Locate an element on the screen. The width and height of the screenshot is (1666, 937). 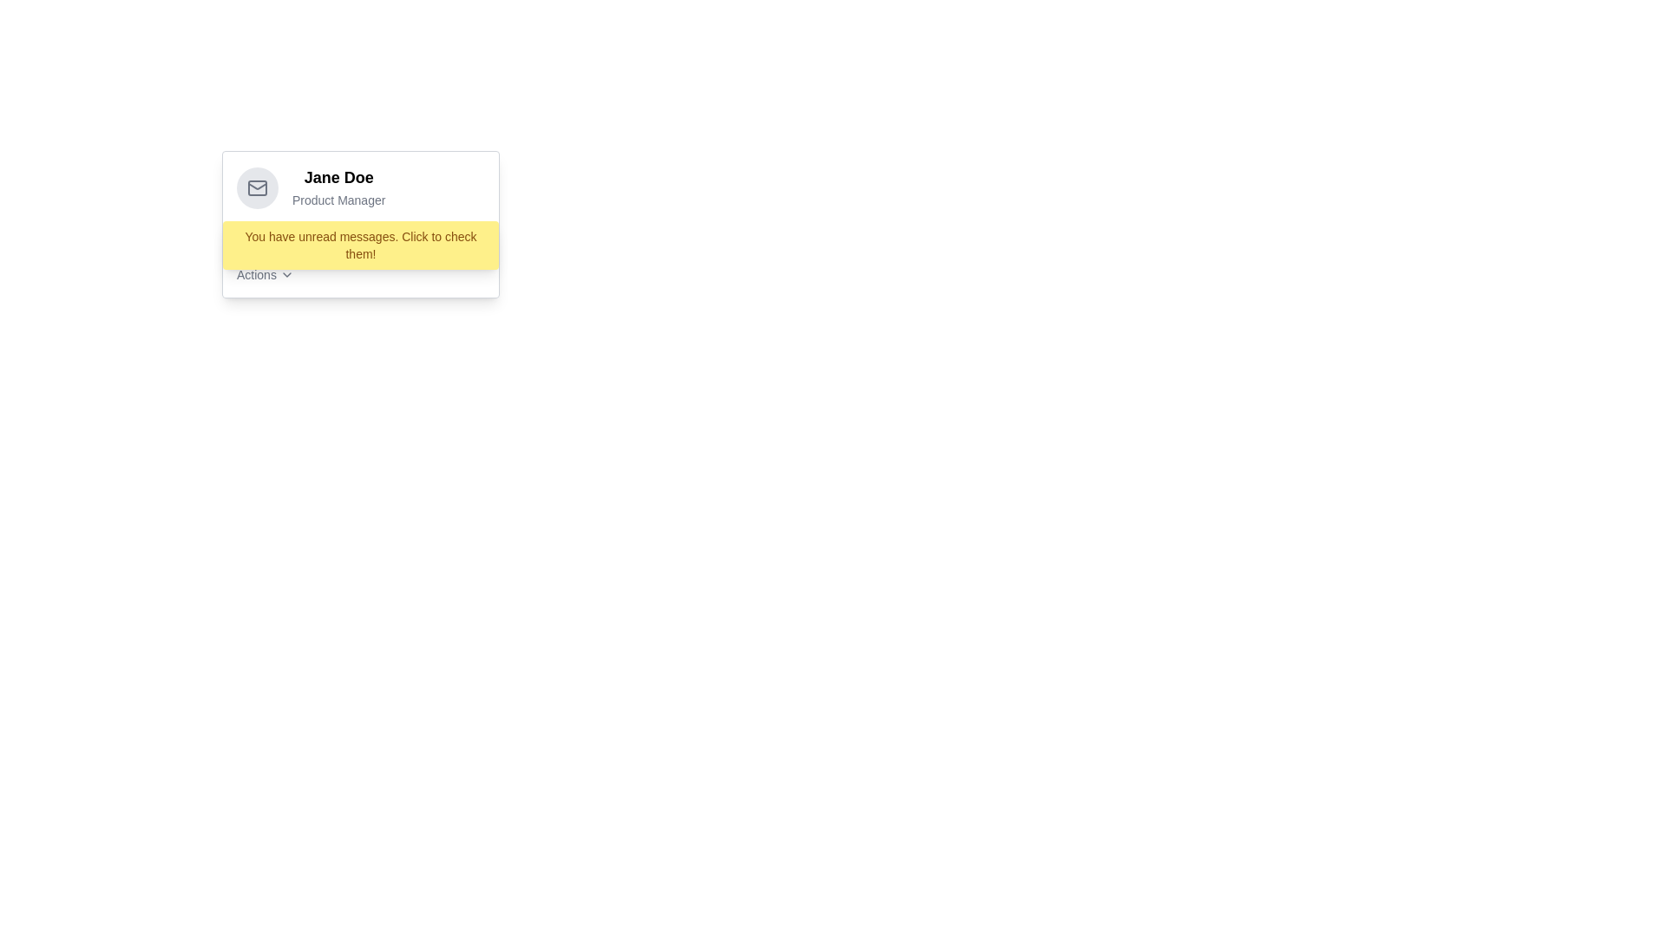
the main rectangular body of the styled envelope icon located is located at coordinates (257, 187).